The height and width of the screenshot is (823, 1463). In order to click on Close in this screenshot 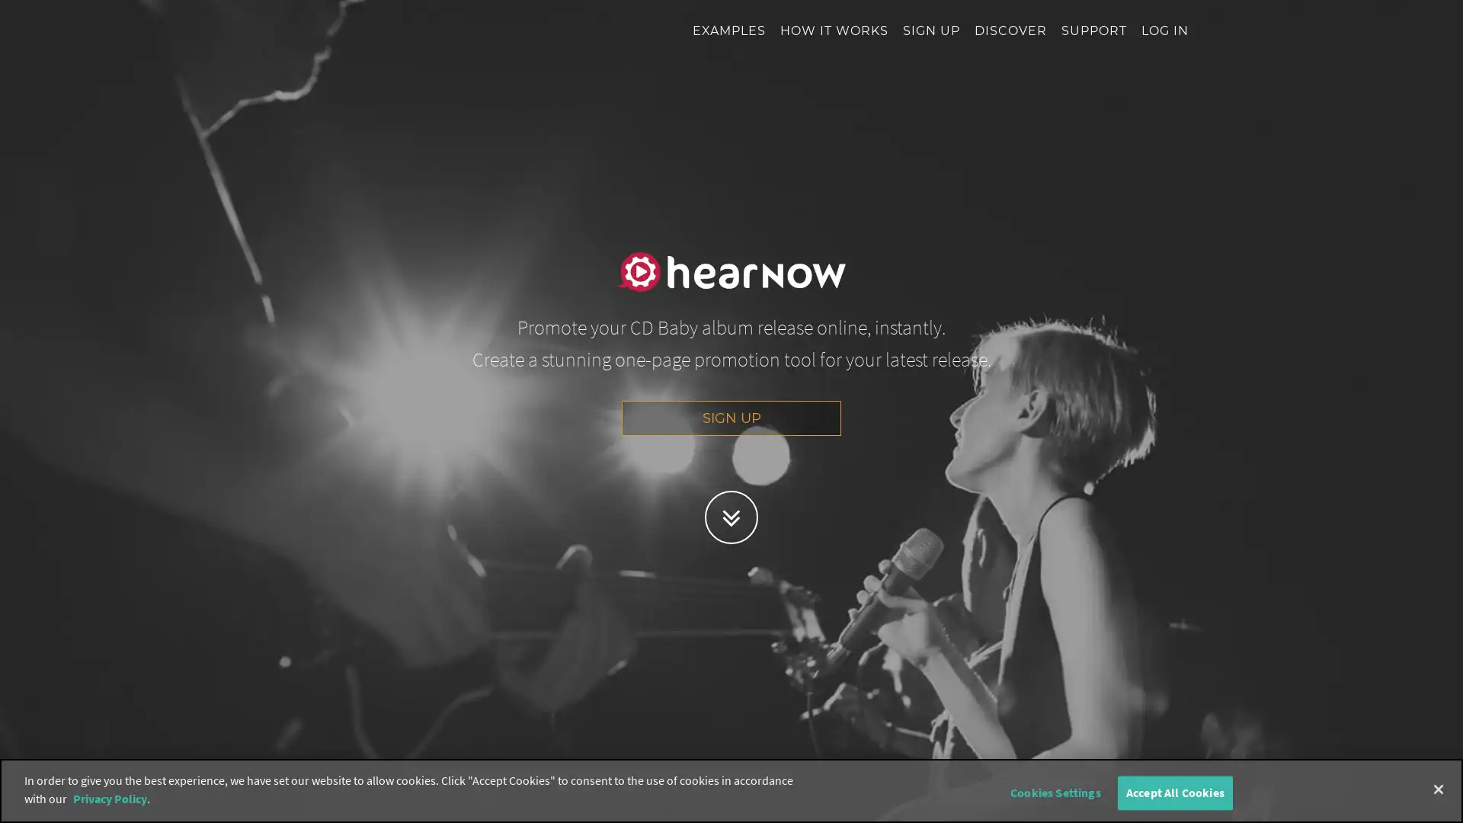, I will do `click(1437, 789)`.